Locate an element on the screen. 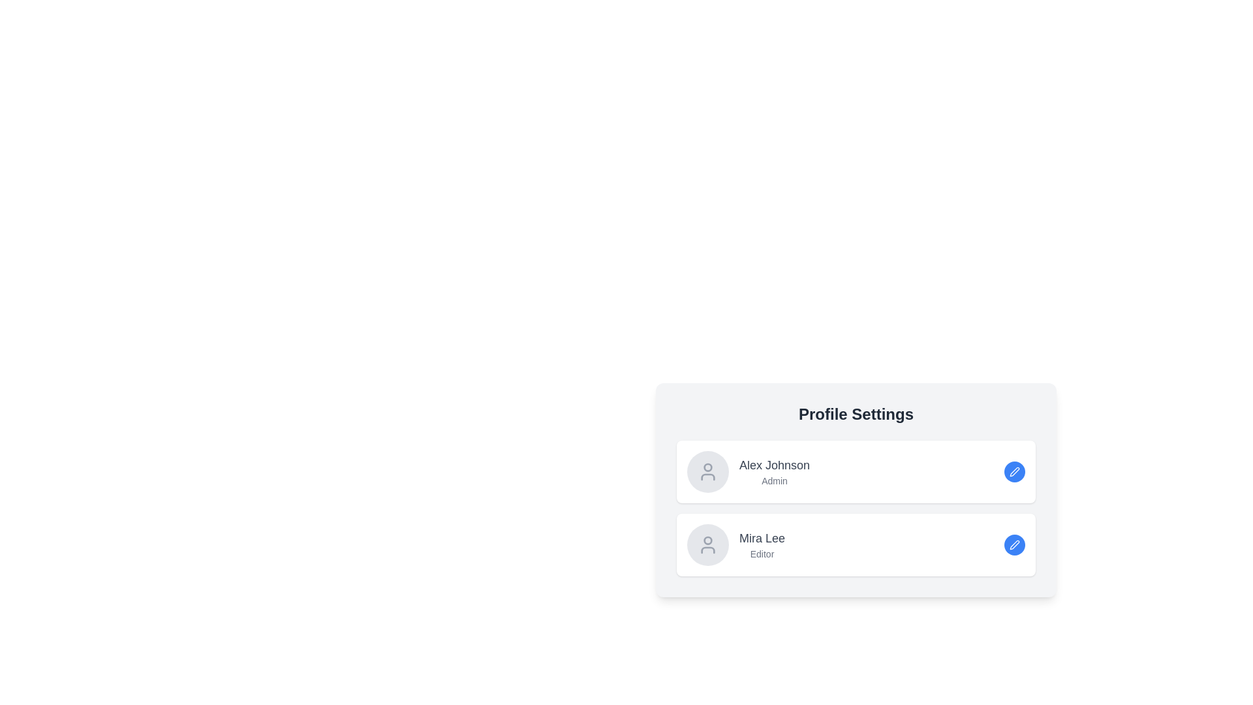 The height and width of the screenshot is (705, 1253). the Profile Information Card for 'Alex Johnson', which displays the user's name and role is located at coordinates (749, 471).